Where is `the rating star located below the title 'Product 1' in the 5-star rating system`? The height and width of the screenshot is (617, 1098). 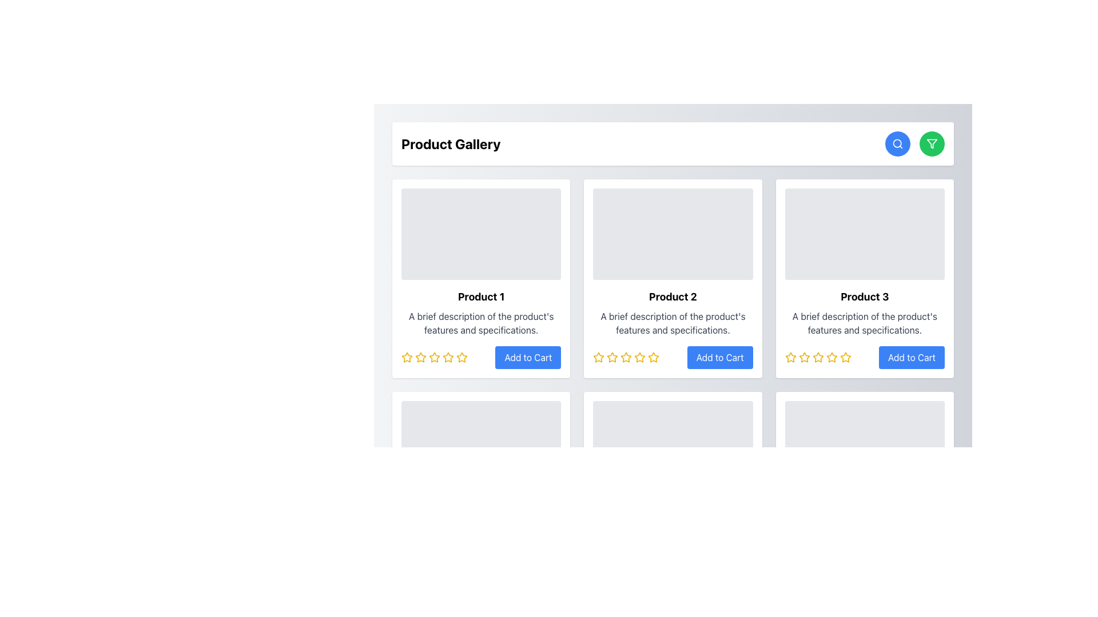 the rating star located below the title 'Product 1' in the 5-star rating system is located at coordinates (447, 356).